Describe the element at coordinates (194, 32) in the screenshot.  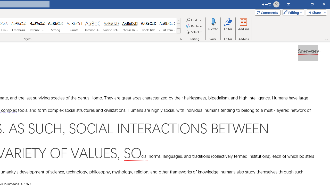
I see `'Select'` at that location.